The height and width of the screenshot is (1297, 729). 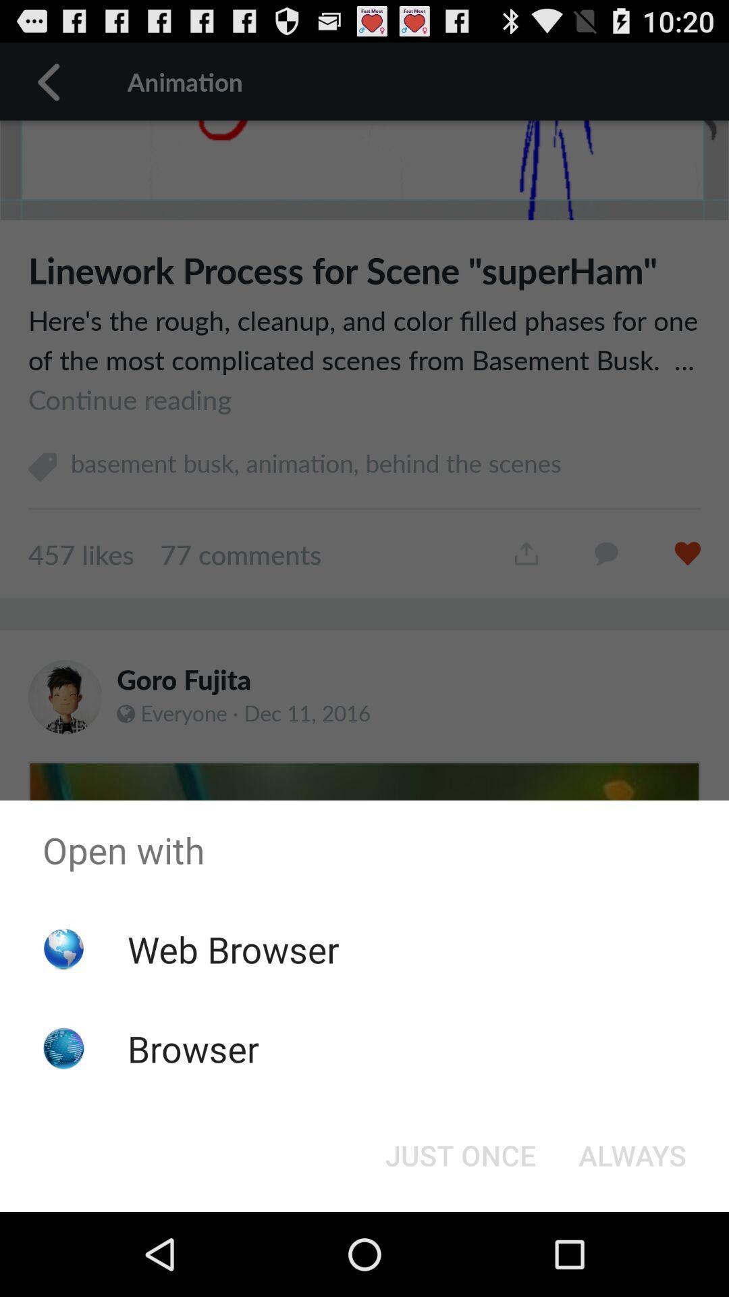 What do you see at coordinates (460, 1154) in the screenshot?
I see `the icon below open with icon` at bounding box center [460, 1154].